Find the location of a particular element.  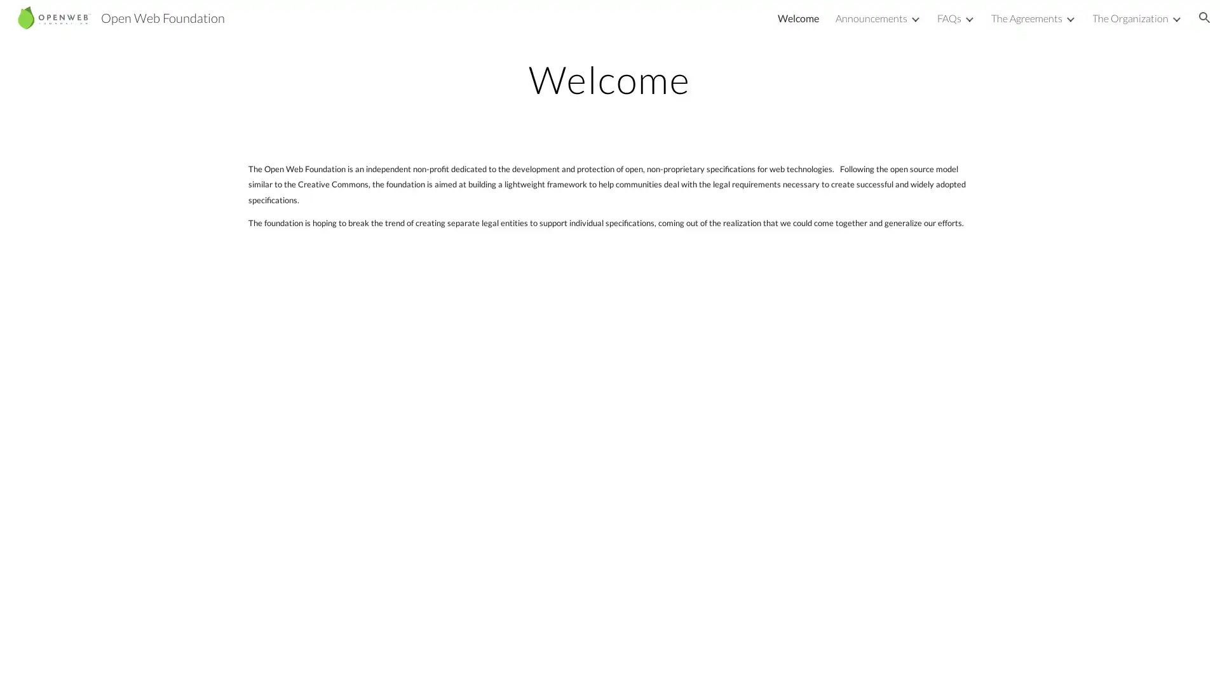

Report abuse is located at coordinates (152, 663).